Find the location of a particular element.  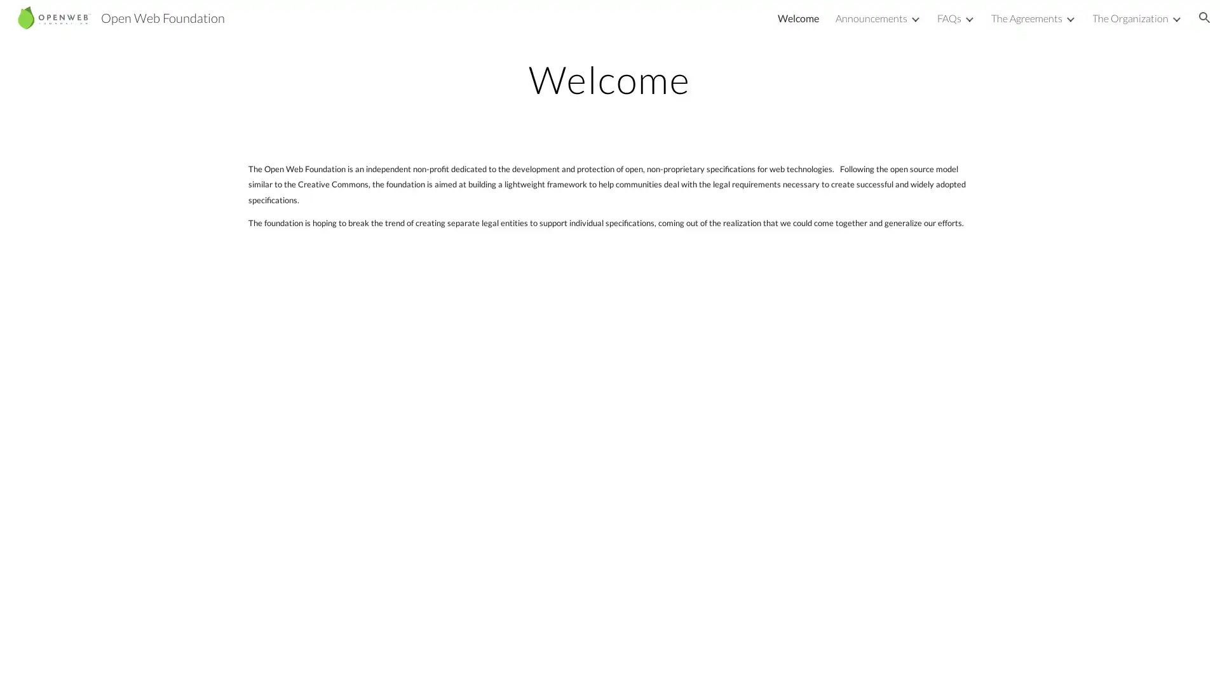

Report abuse is located at coordinates (152, 663).